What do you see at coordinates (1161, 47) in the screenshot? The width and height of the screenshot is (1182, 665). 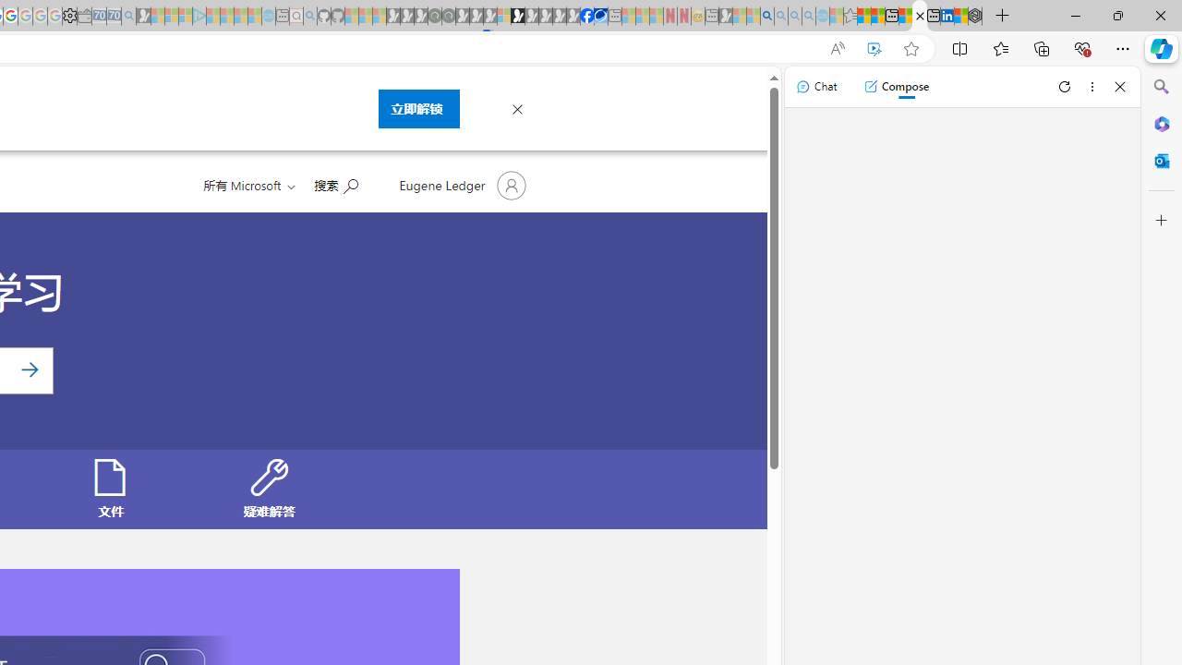 I see `'Copilot (Ctrl+Shift+.)'` at bounding box center [1161, 47].